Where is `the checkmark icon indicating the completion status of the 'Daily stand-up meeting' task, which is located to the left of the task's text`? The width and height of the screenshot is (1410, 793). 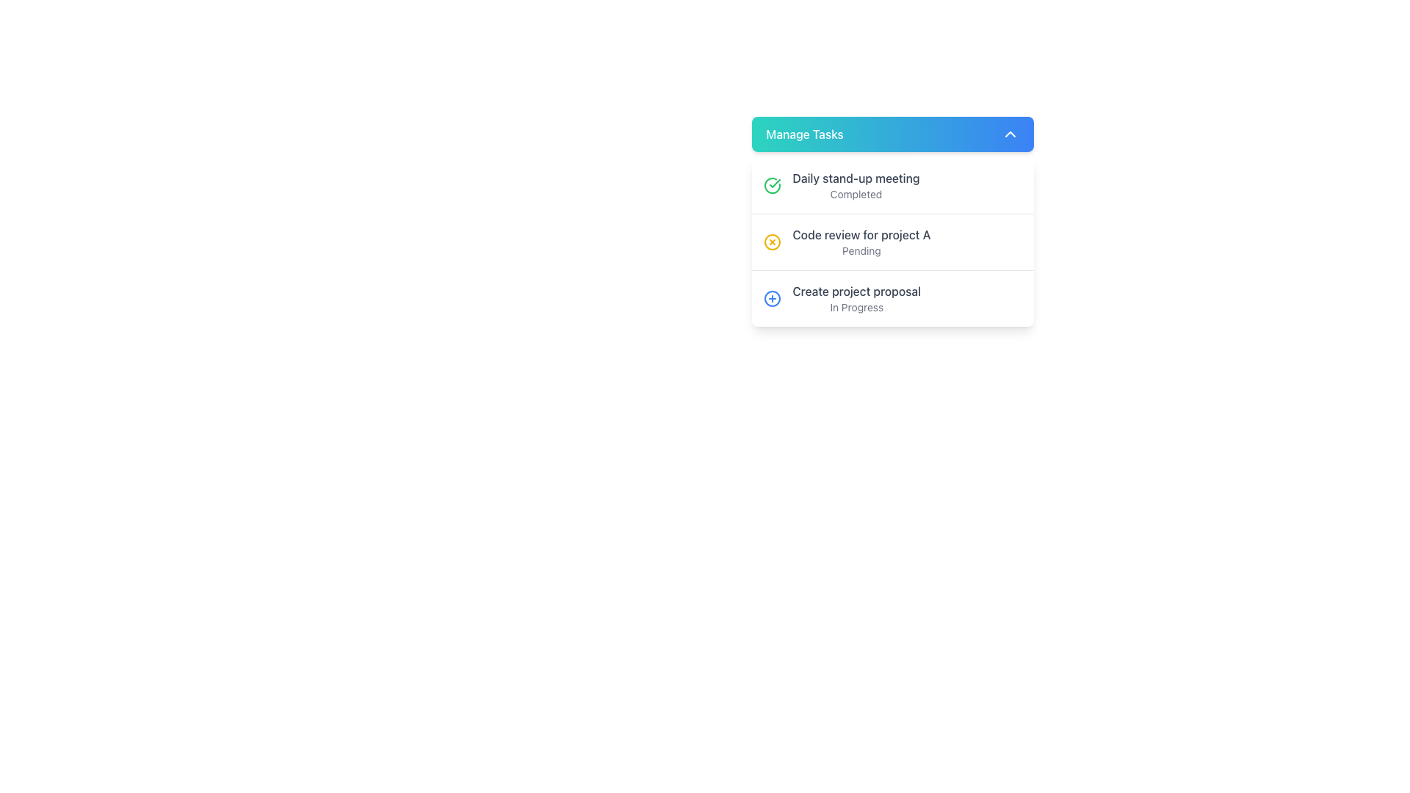
the checkmark icon indicating the completion status of the 'Daily stand-up meeting' task, which is located to the left of the task's text is located at coordinates (774, 183).